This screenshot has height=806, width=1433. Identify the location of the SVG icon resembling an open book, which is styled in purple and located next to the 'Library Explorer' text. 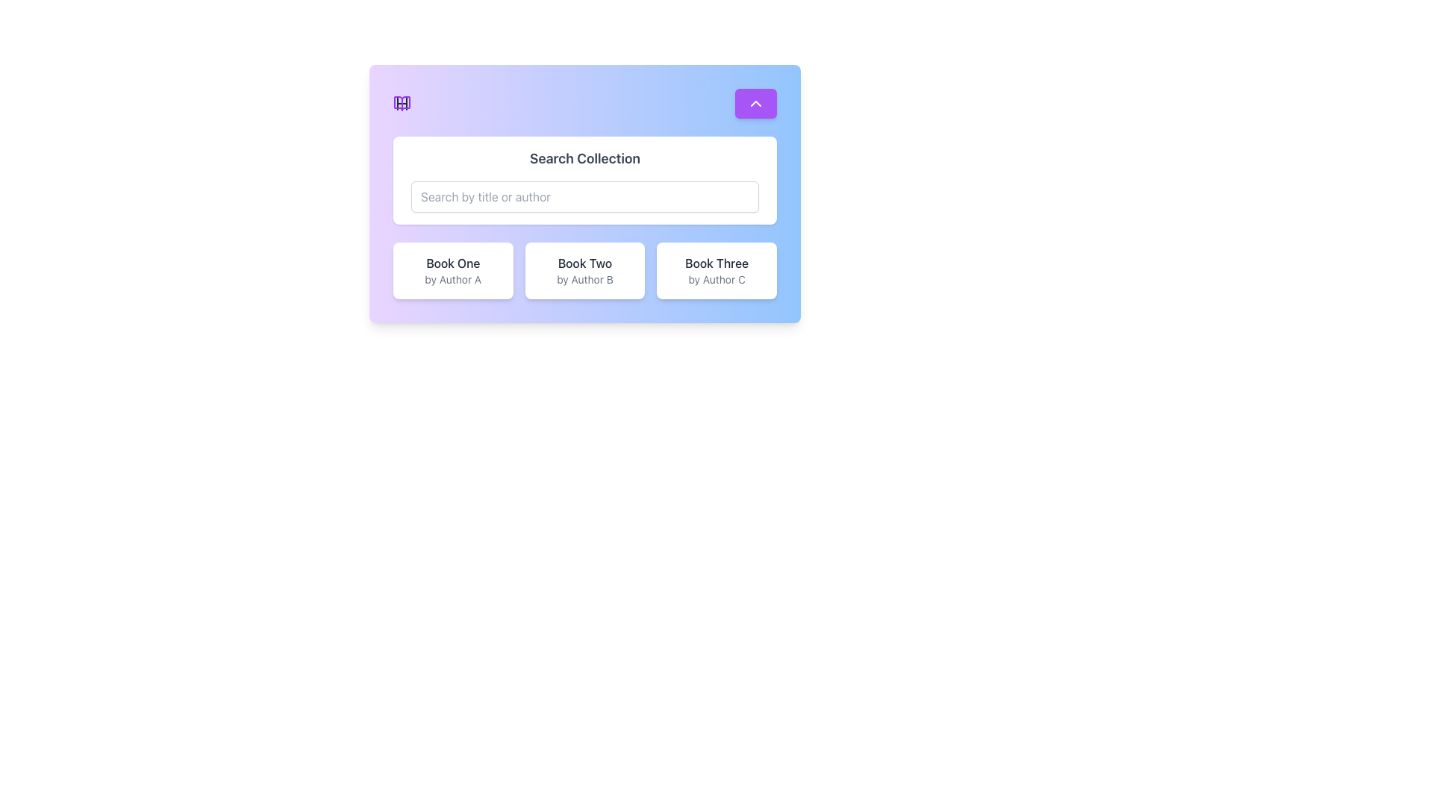
(402, 102).